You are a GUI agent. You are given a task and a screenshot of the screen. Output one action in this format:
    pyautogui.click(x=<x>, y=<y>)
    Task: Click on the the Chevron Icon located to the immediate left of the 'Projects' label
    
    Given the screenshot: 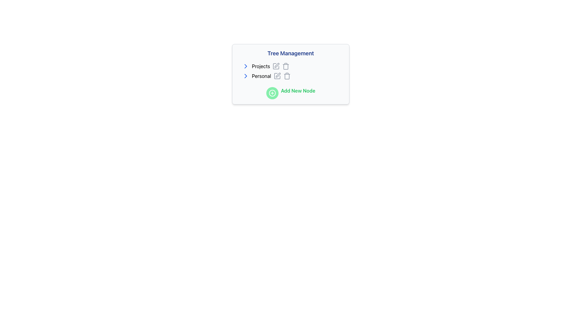 What is the action you would take?
    pyautogui.click(x=246, y=76)
    